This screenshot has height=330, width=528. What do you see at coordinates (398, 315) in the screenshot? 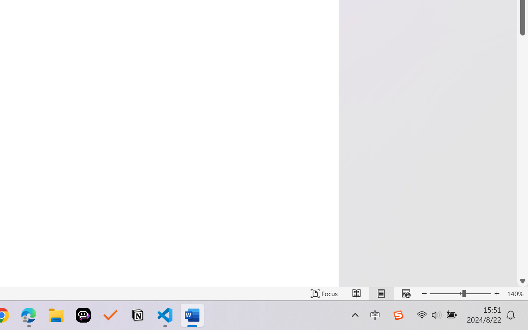
I see `'Class: Image'` at bounding box center [398, 315].